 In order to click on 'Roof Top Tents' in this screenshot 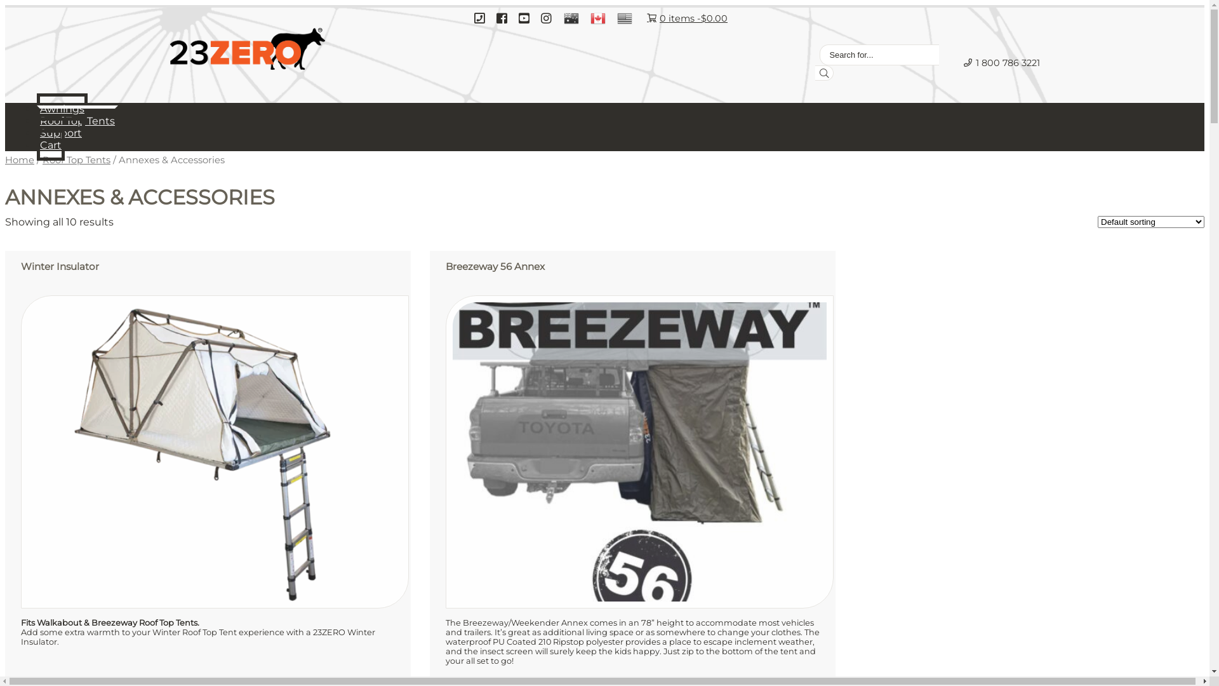, I will do `click(76, 159)`.